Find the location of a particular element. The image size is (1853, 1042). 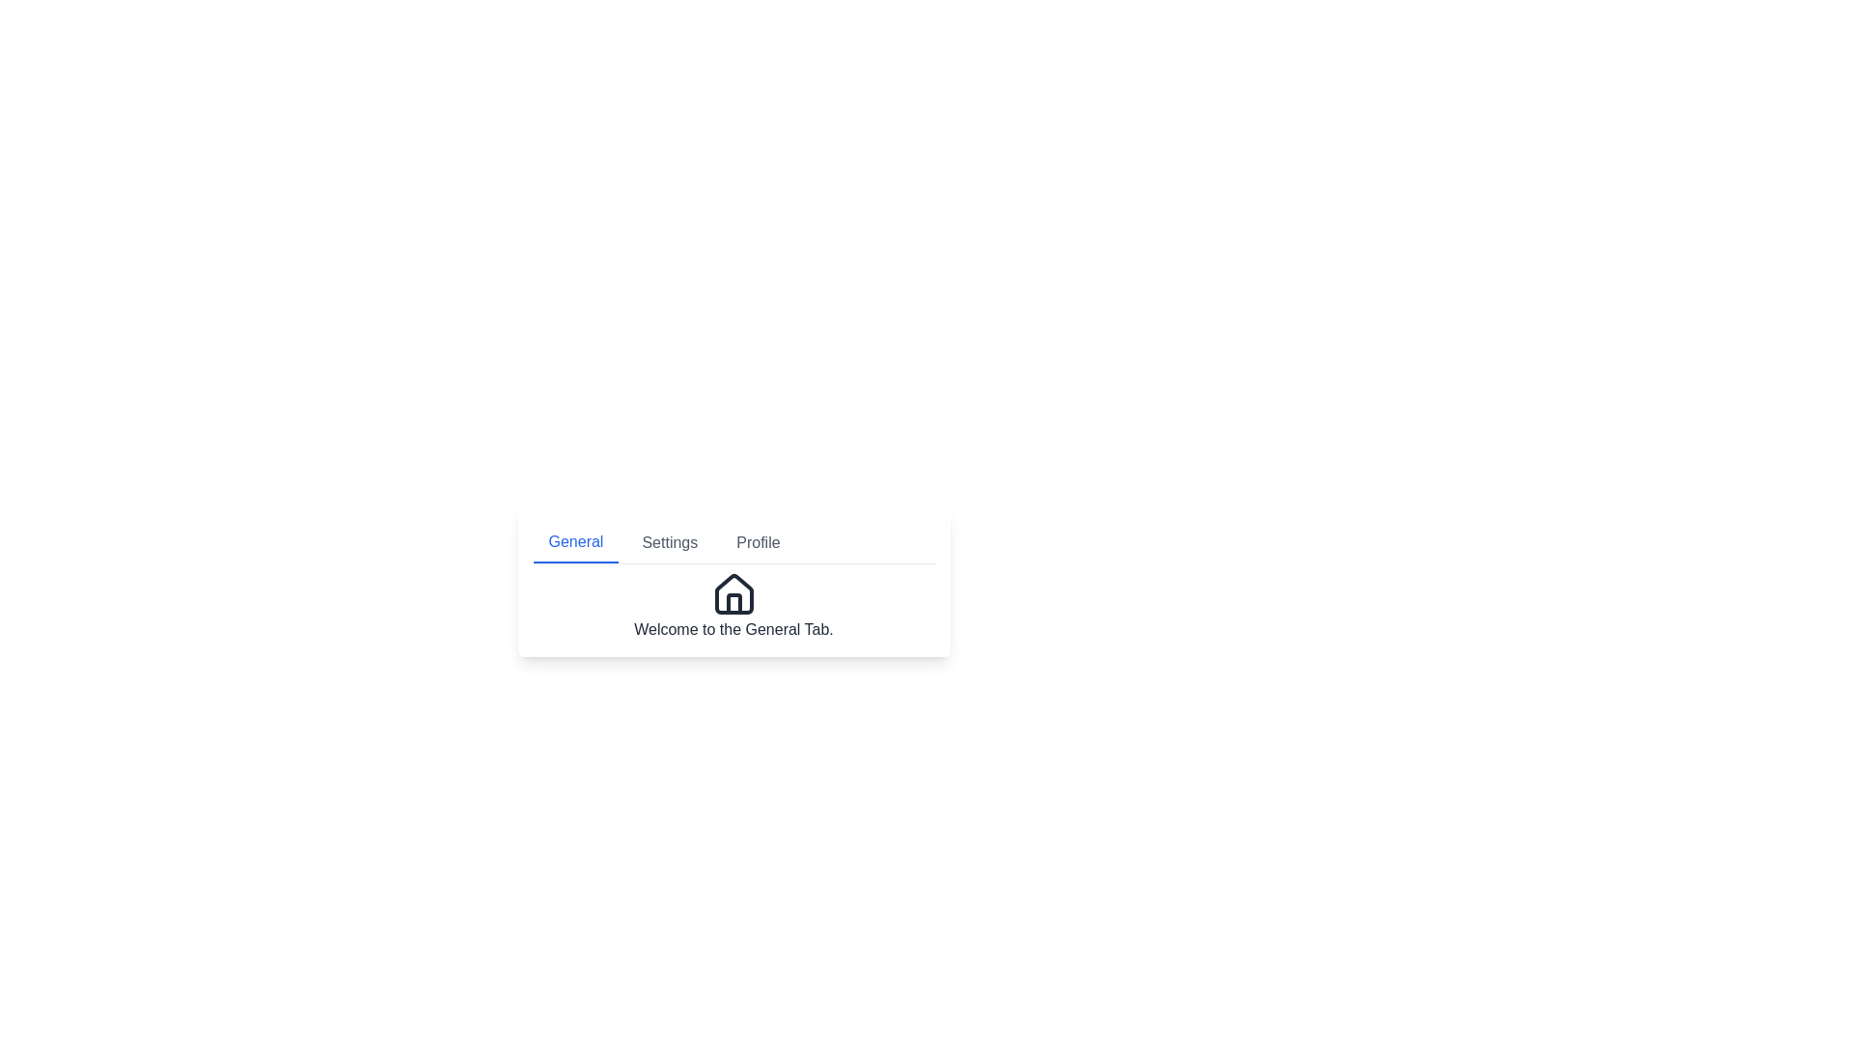

the 'Settings' tab, which is the second tab in the tab list is located at coordinates (670, 543).